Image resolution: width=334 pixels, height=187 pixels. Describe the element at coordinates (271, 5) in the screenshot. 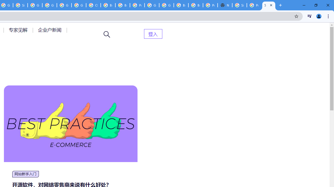

I see `'Close'` at that location.